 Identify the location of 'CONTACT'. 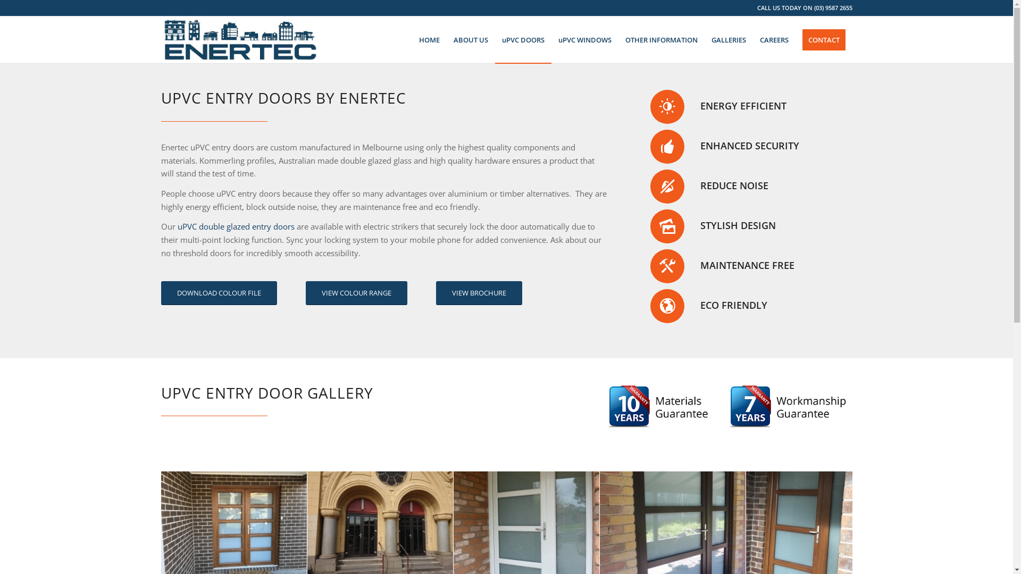
(823, 39).